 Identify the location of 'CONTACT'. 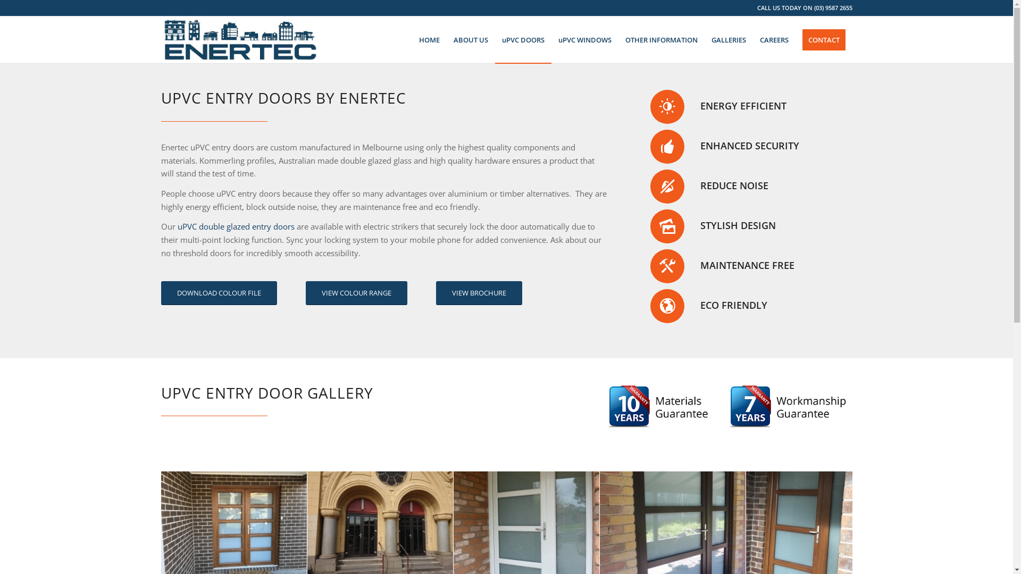
(823, 39).